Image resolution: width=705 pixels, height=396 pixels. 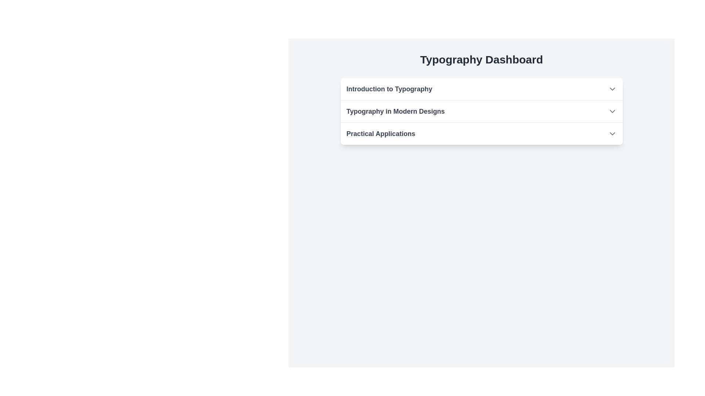 I want to click on the second item in the vertical list labeled 'Typography in Modern Designs', which is positioned between 'Introduction to Typography' and 'Practical Applications', so click(x=481, y=111).